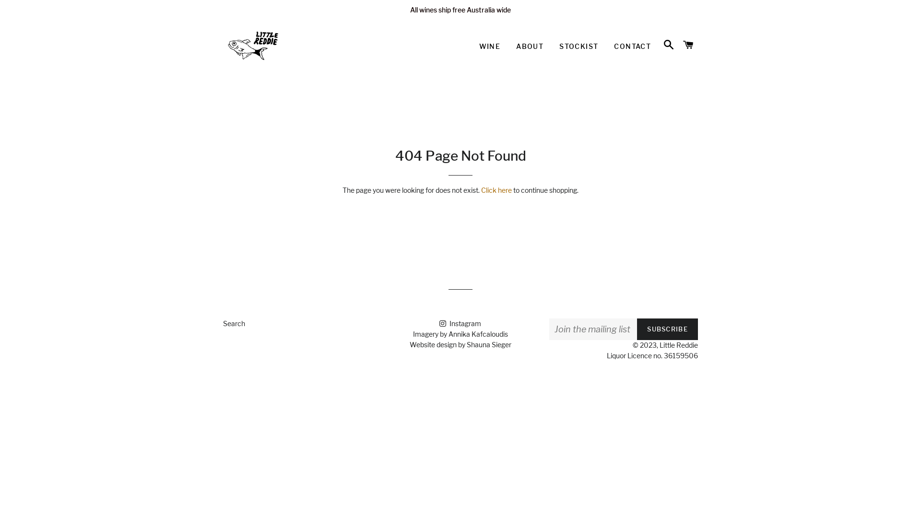  I want to click on 'ABOUT', so click(529, 46).